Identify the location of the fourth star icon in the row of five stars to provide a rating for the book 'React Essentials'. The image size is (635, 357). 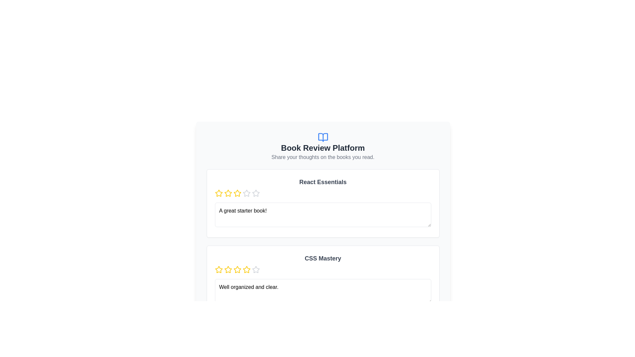
(255, 193).